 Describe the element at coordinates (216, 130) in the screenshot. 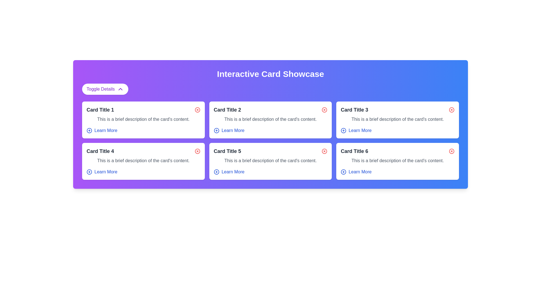

I see `the SVG circle component that indicates an expandable or addable state, located in the second card of the first row in the card grid layout, next to the 'Learn More' link` at that location.